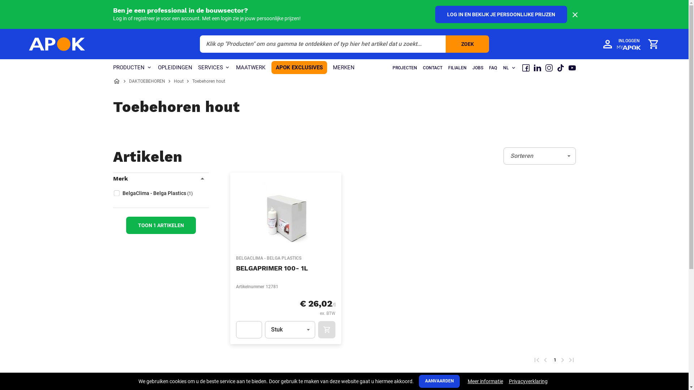  I want to click on 'FILIALEN', so click(457, 68).